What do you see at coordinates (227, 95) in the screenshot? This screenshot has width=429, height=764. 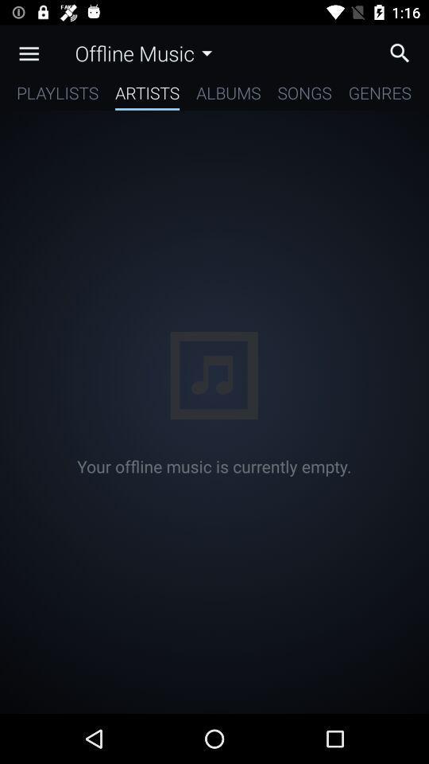 I see `the text beside artists` at bounding box center [227, 95].